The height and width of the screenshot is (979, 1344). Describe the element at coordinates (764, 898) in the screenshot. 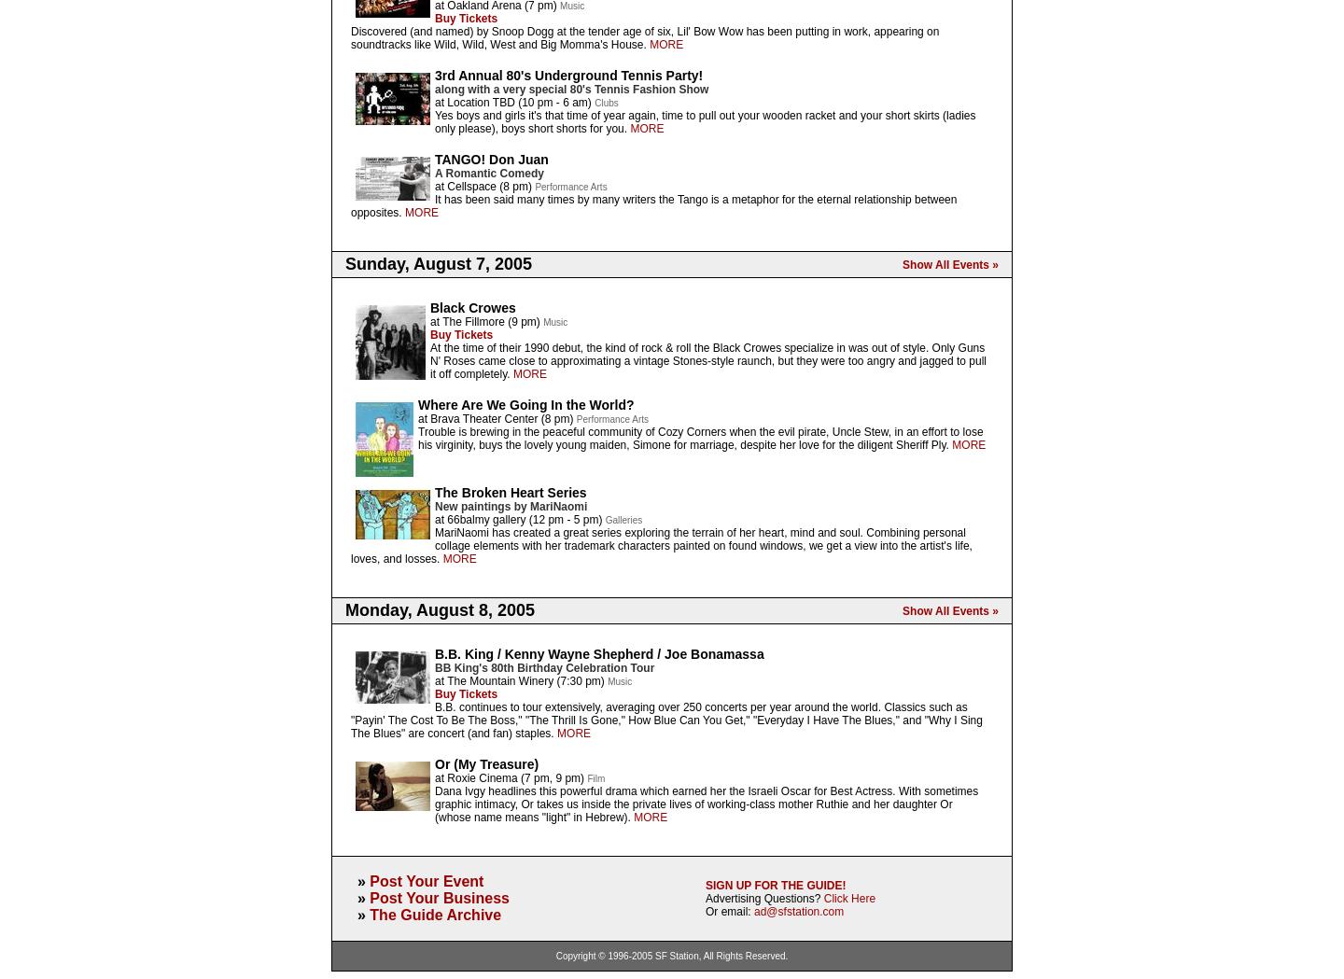

I see `'Advertising Questions?'` at that location.